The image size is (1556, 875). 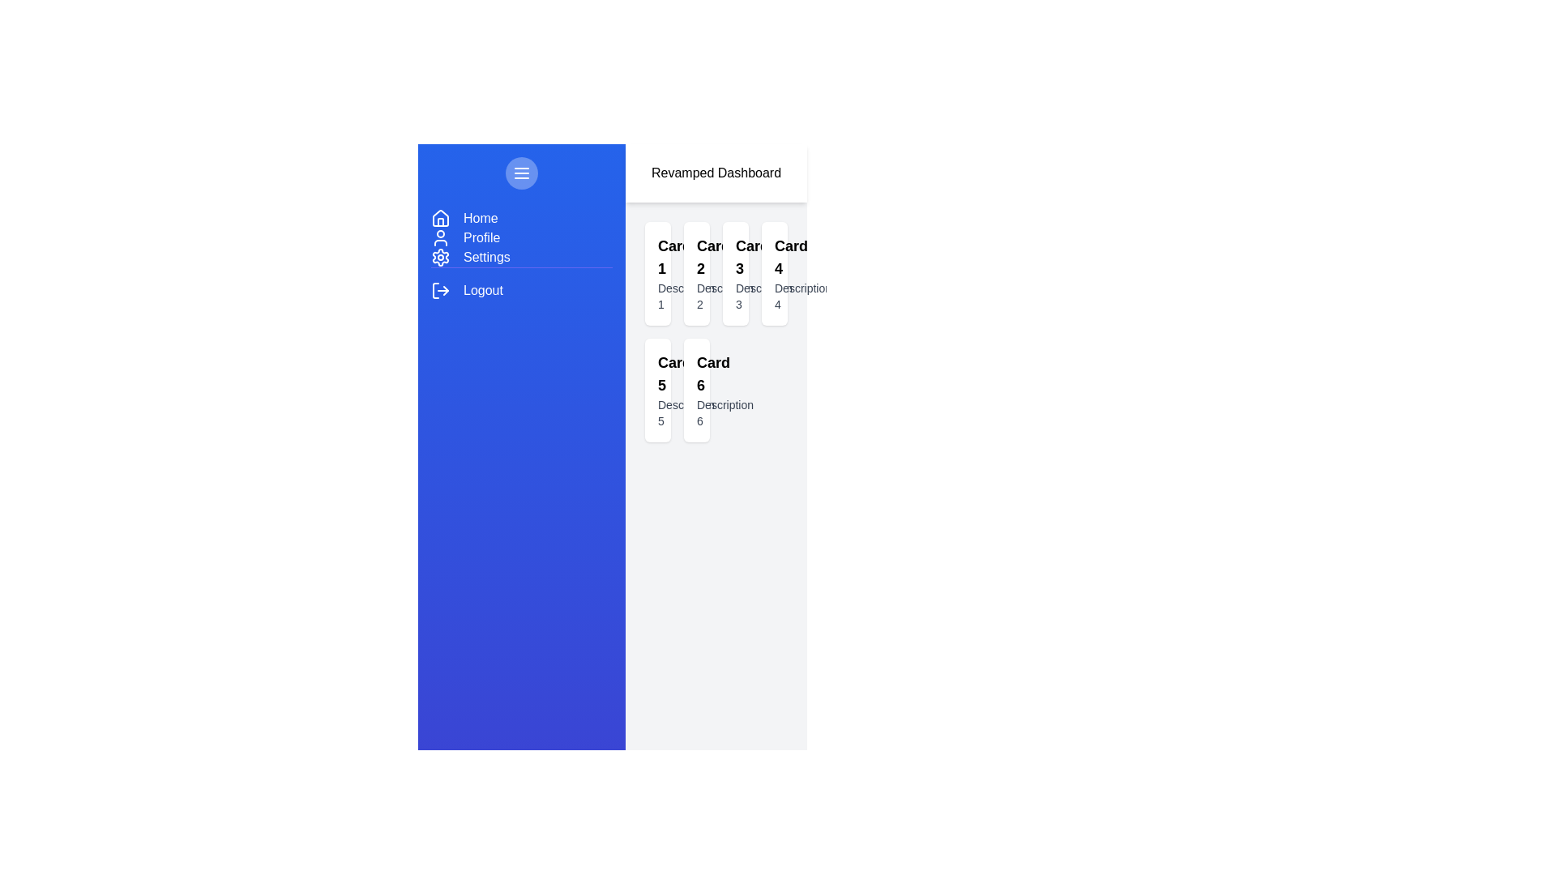 I want to click on the informational card located in the bottom-right corner of the grid, adjacent to 'Card 5' on its left, so click(x=696, y=391).